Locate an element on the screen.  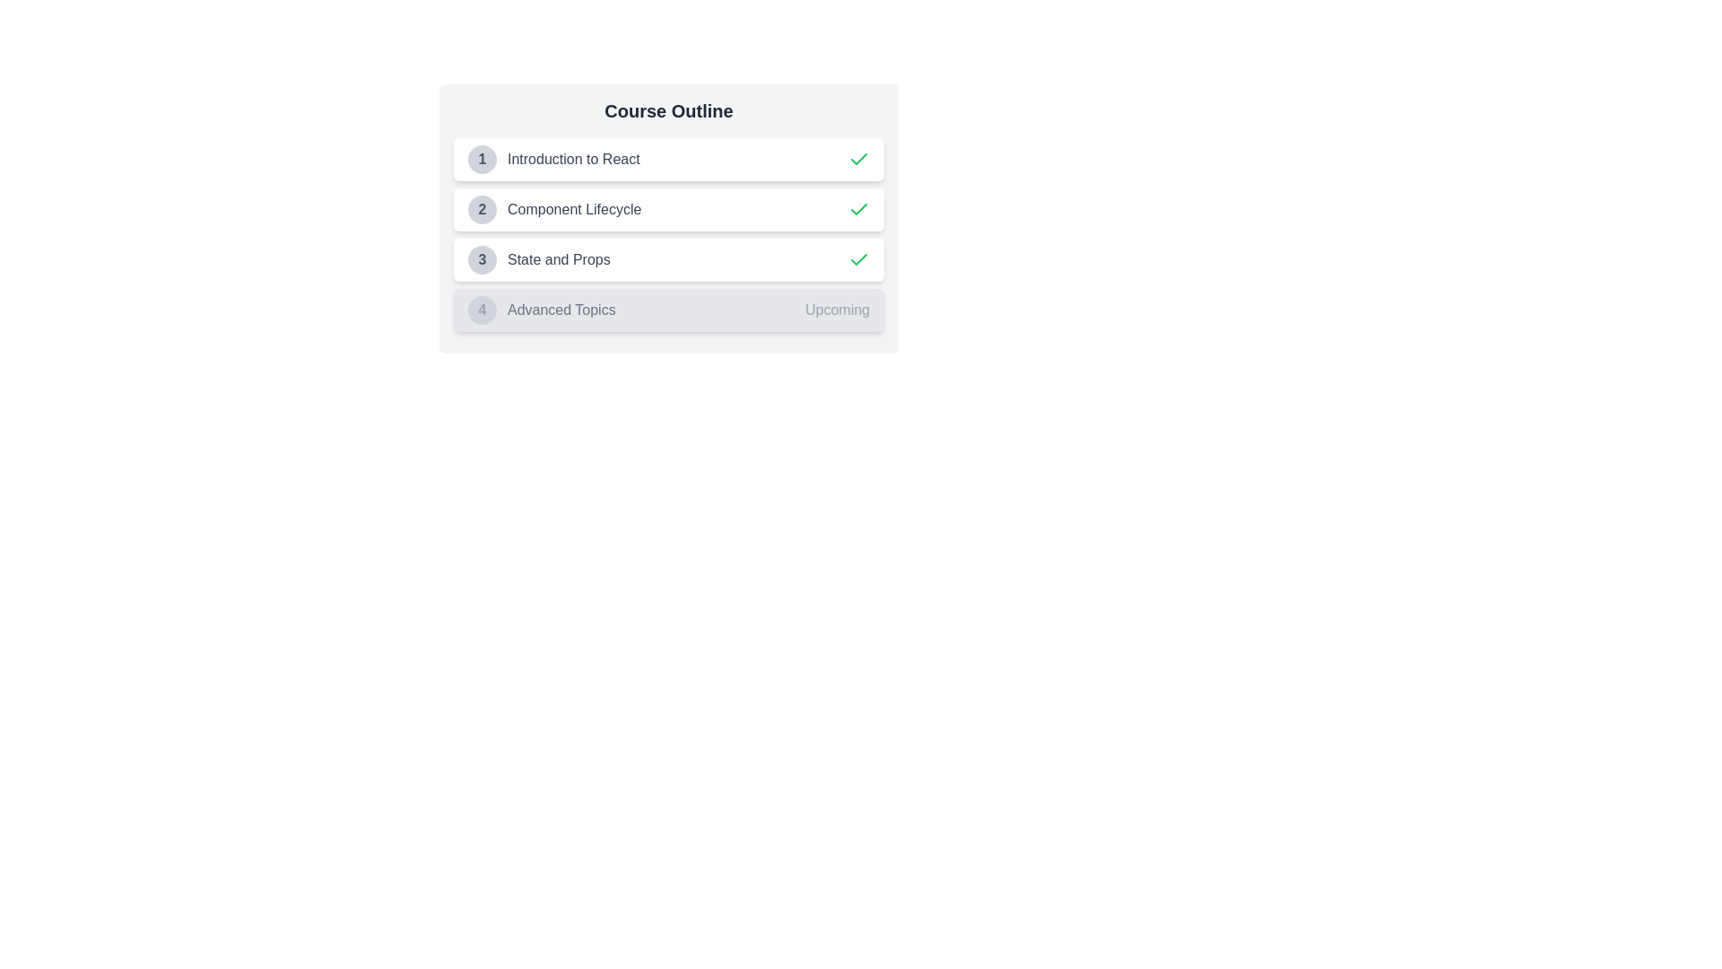
the second list item labeled 'Component Lifecycle' which has a circular badge showing the number '2' is located at coordinates (553, 209).